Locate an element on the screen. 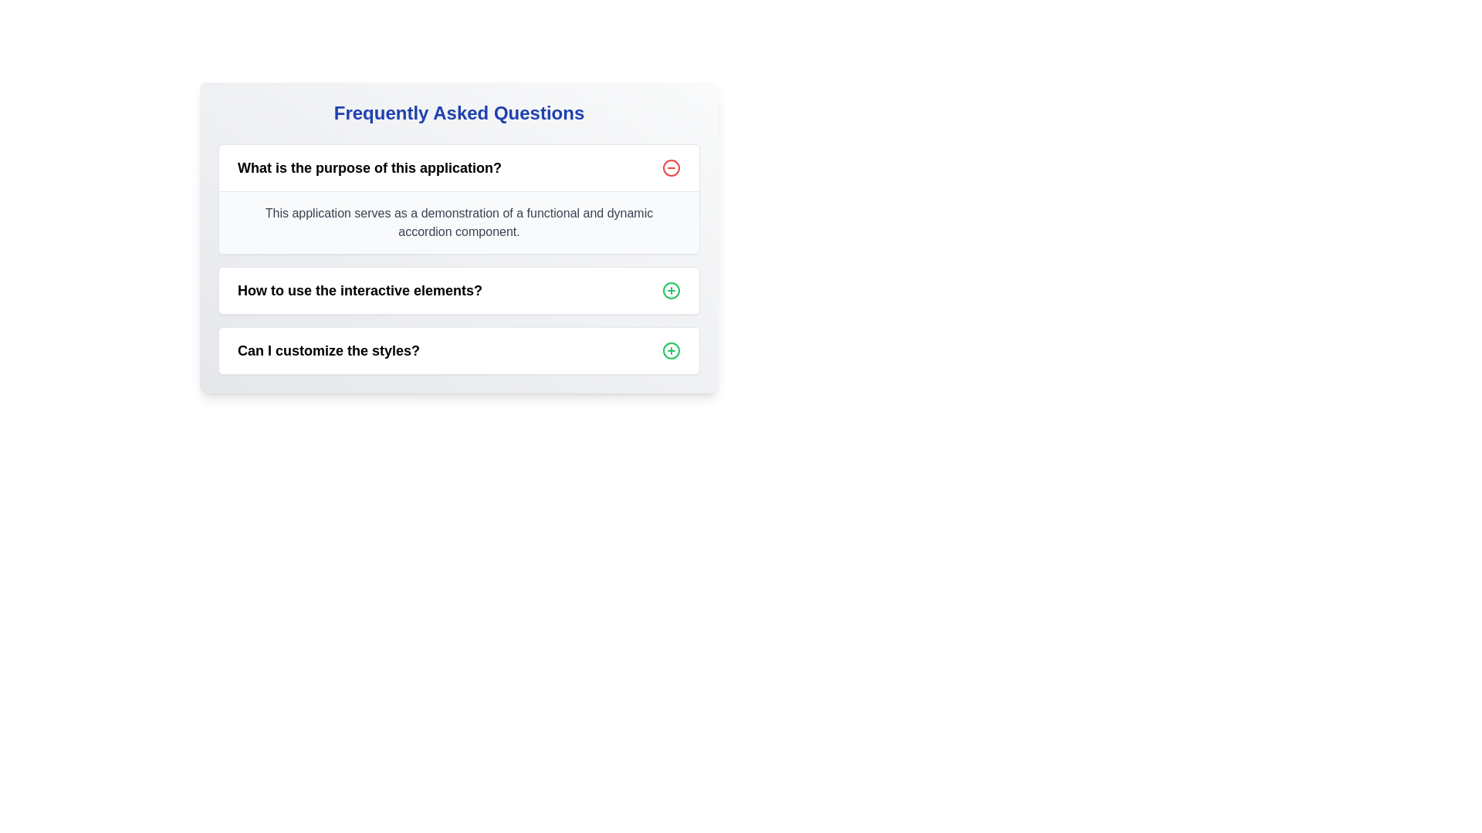 Image resolution: width=1482 pixels, height=833 pixels. the SVG Circle that serves as a visual component of the circle-minus icon, located in the top-right corner of the first FAQ item block is located at coordinates (671, 168).